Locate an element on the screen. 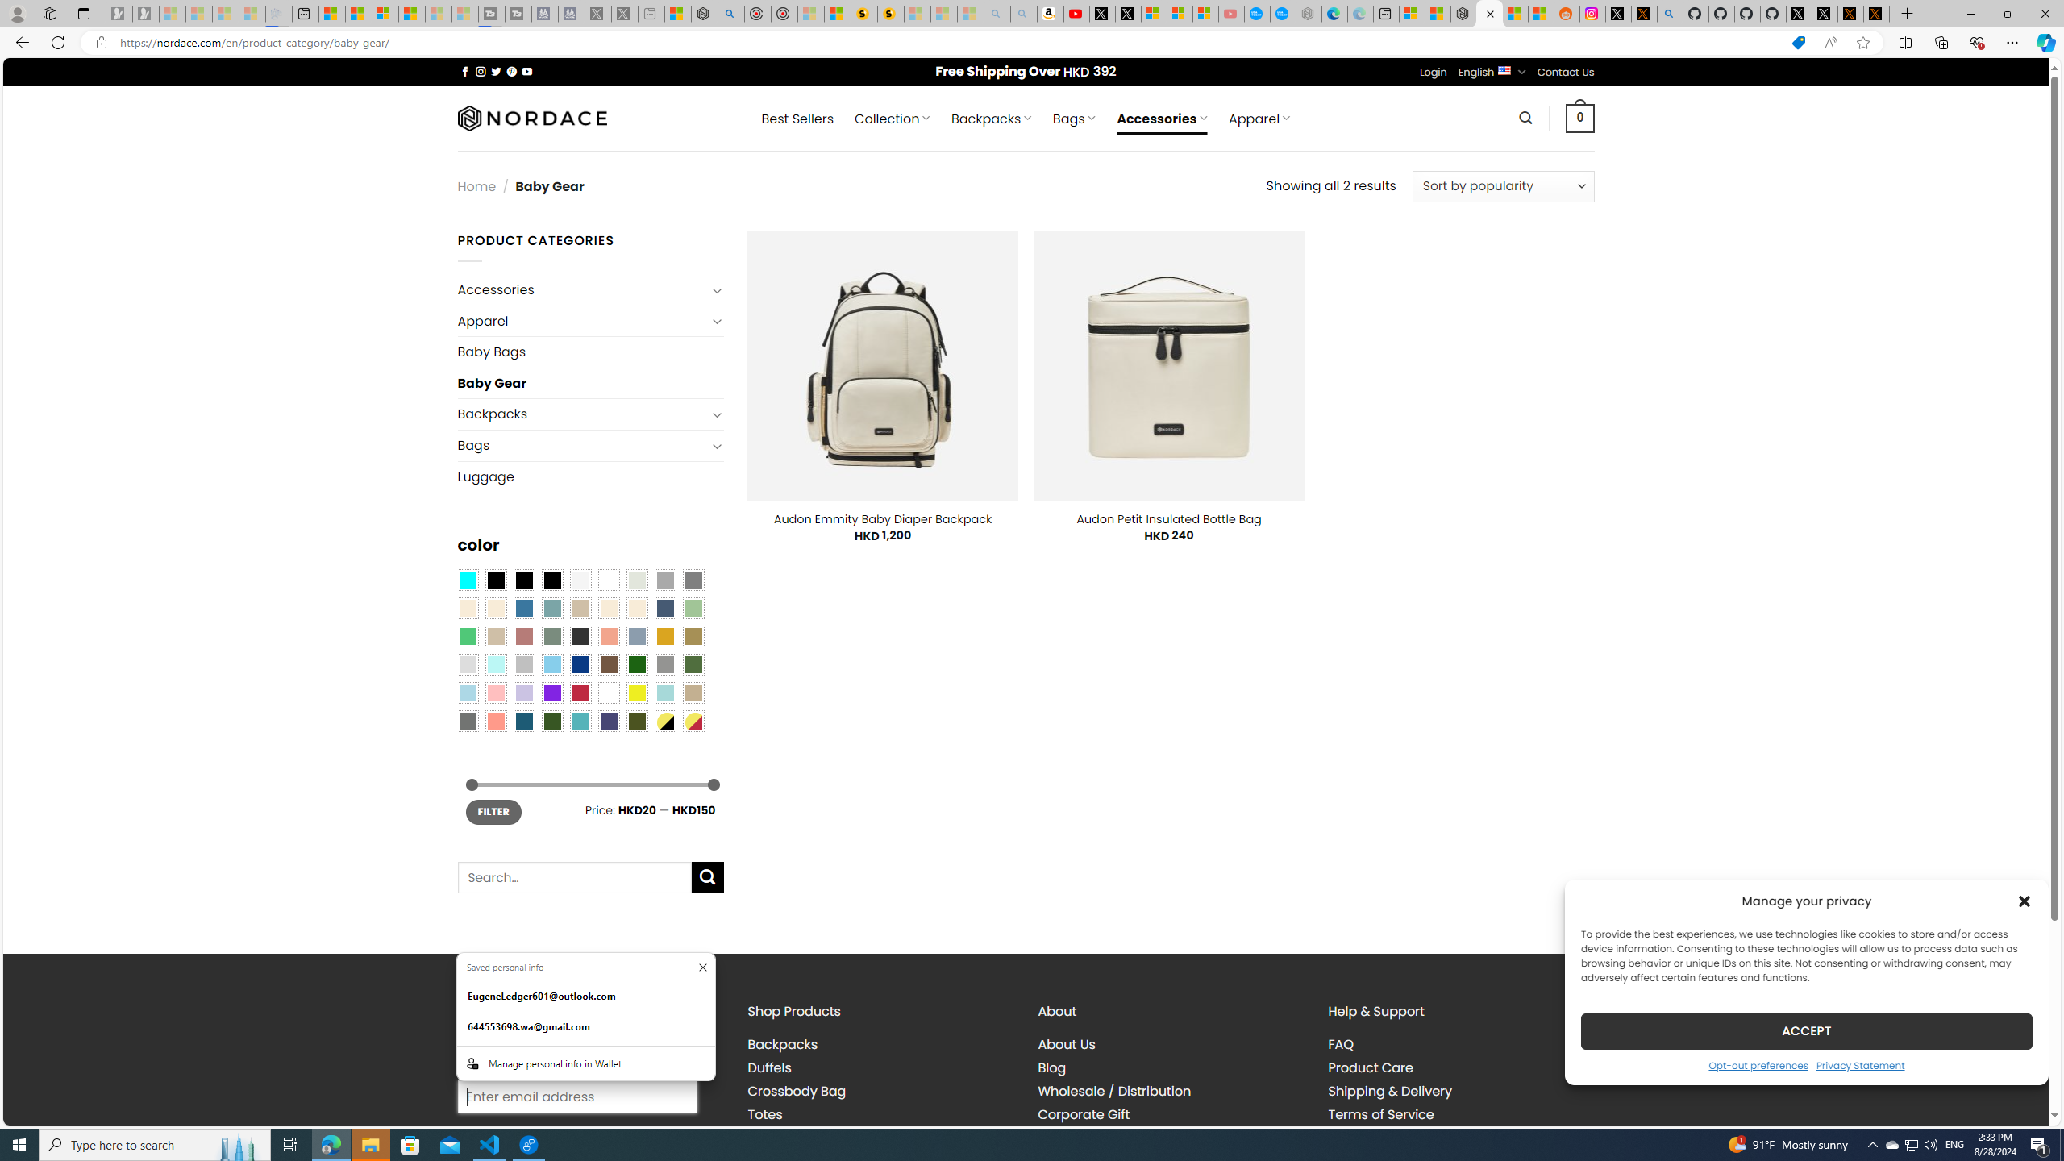 The width and height of the screenshot is (2064, 1161). 'Baby Gear' is located at coordinates (589, 382).